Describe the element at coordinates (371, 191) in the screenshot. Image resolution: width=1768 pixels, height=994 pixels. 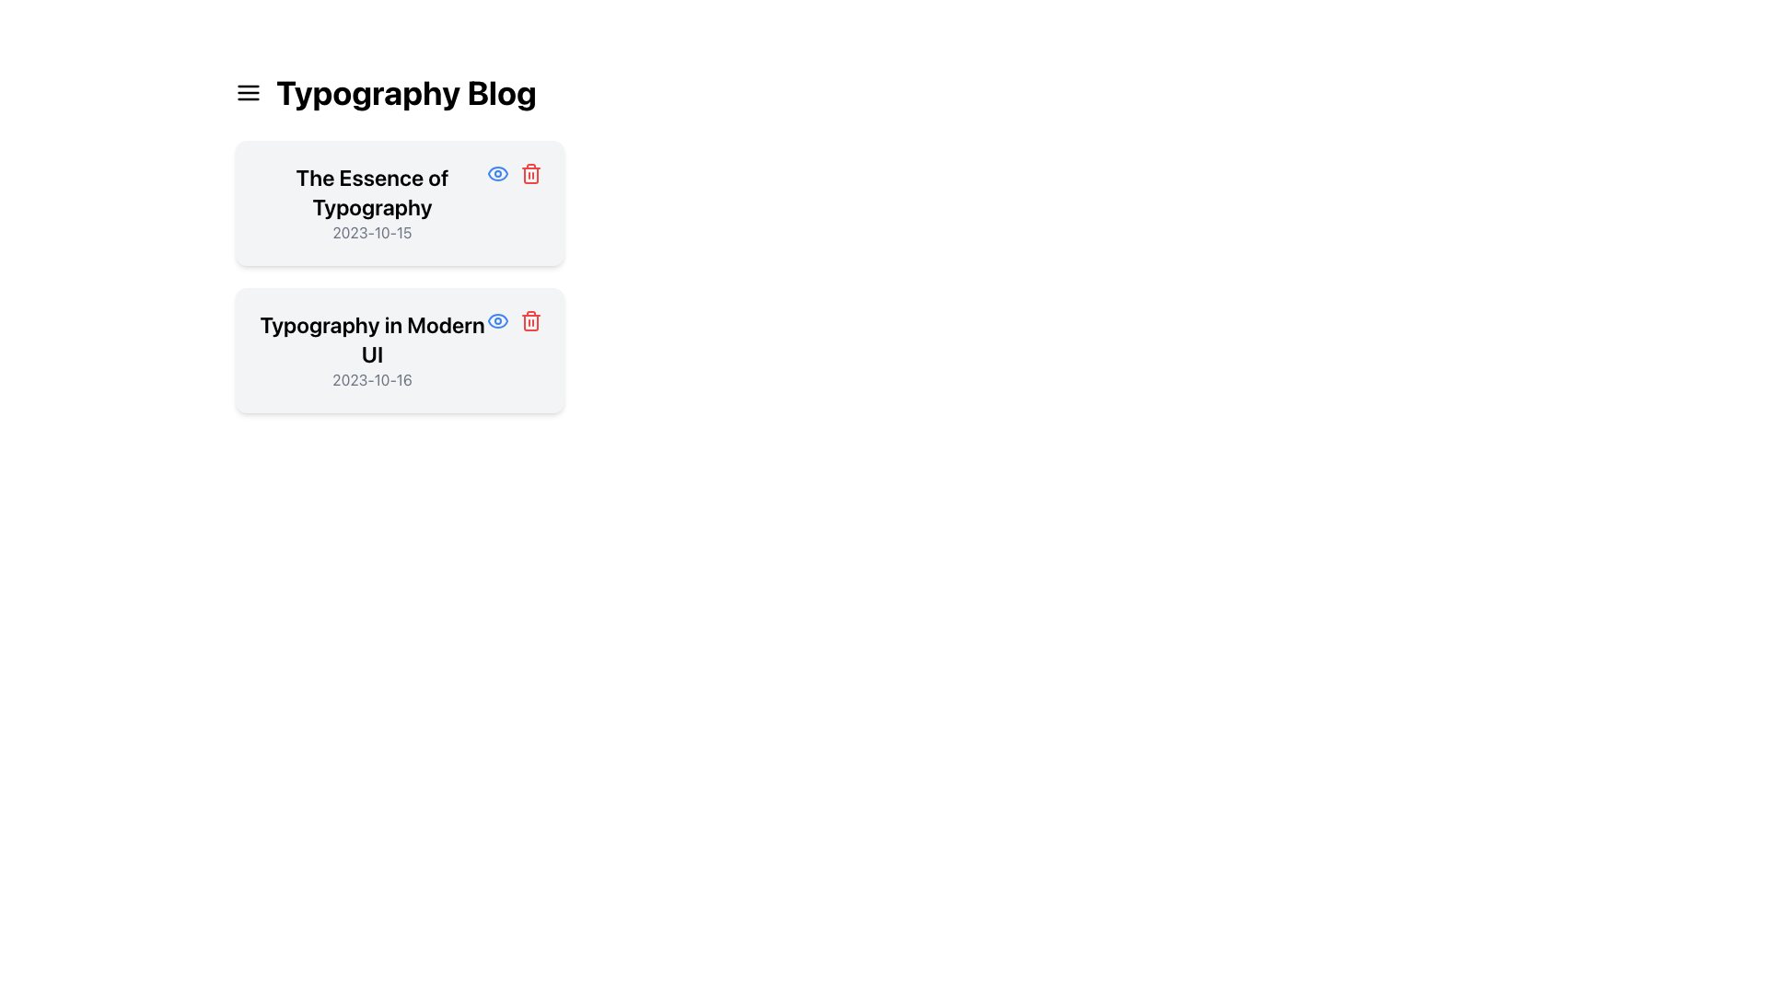
I see `bold and large text heading 'The Essence of Typography' located at the center of the topmost card under the 'Typography Blog' heading` at that location.